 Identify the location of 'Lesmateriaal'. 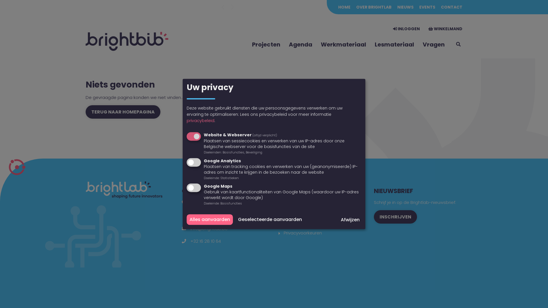
(394, 44).